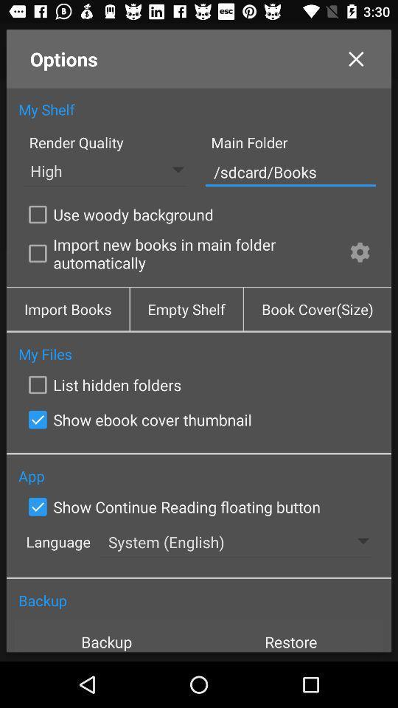 Image resolution: width=398 pixels, height=708 pixels. Describe the element at coordinates (291, 635) in the screenshot. I see `restore item` at that location.